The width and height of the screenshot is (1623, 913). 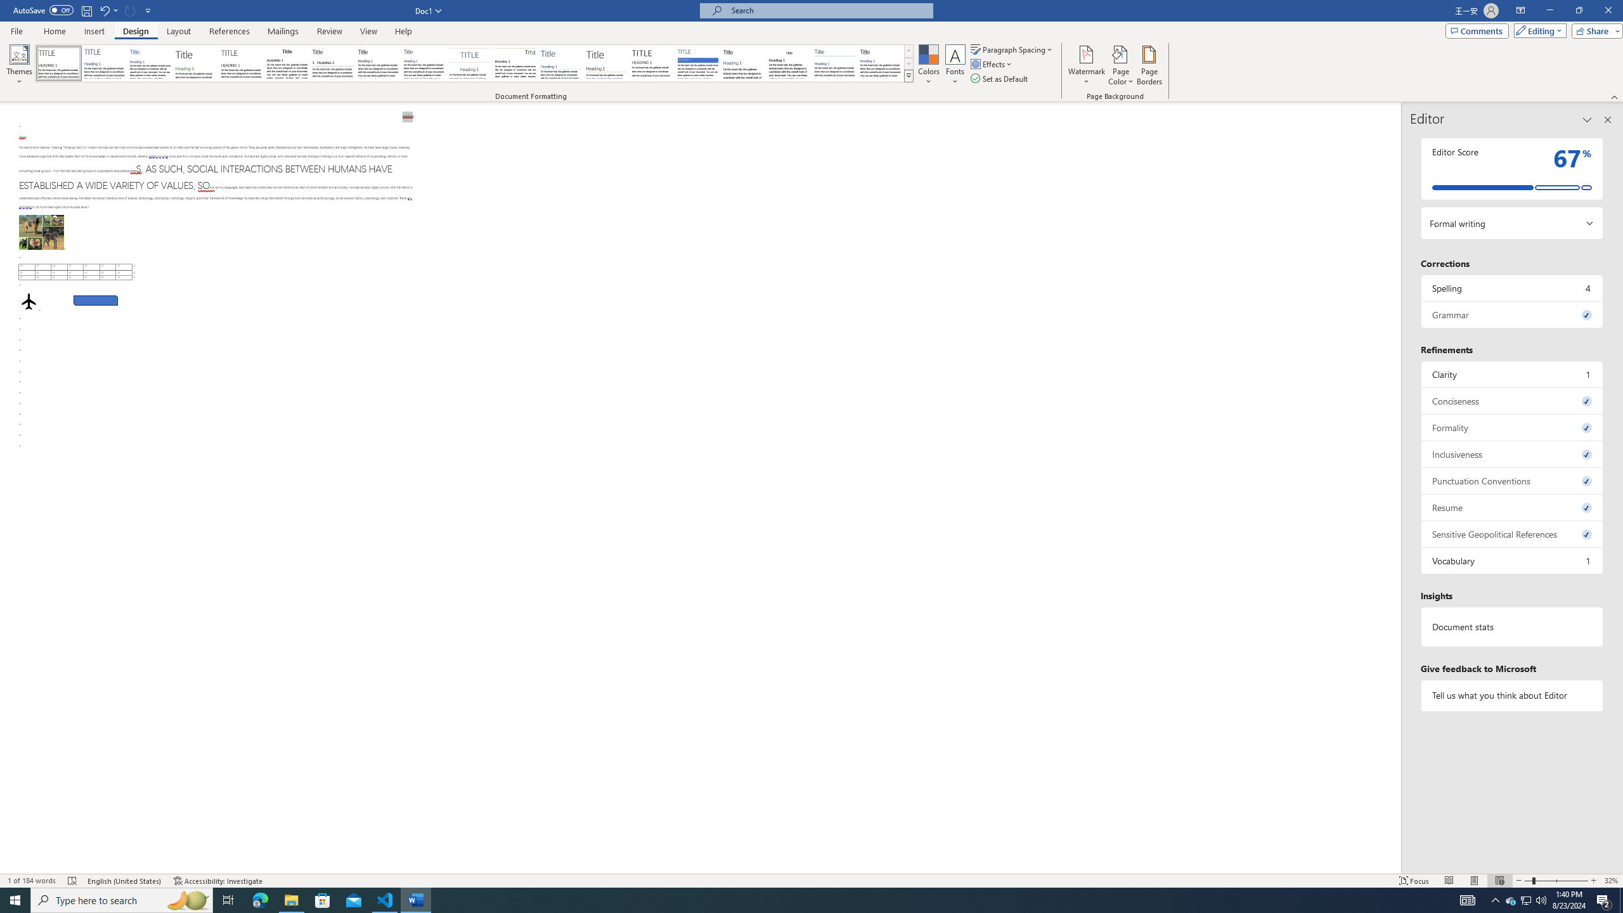 I want to click on 'Fonts', so click(x=954, y=65).